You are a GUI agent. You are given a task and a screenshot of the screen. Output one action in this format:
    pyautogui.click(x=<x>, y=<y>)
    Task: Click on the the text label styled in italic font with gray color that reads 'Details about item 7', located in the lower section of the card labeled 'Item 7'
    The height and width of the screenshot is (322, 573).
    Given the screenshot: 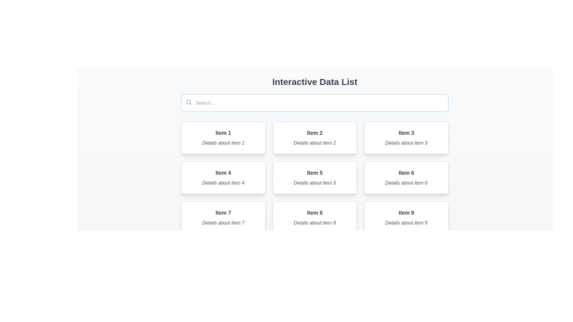 What is the action you would take?
    pyautogui.click(x=223, y=223)
    